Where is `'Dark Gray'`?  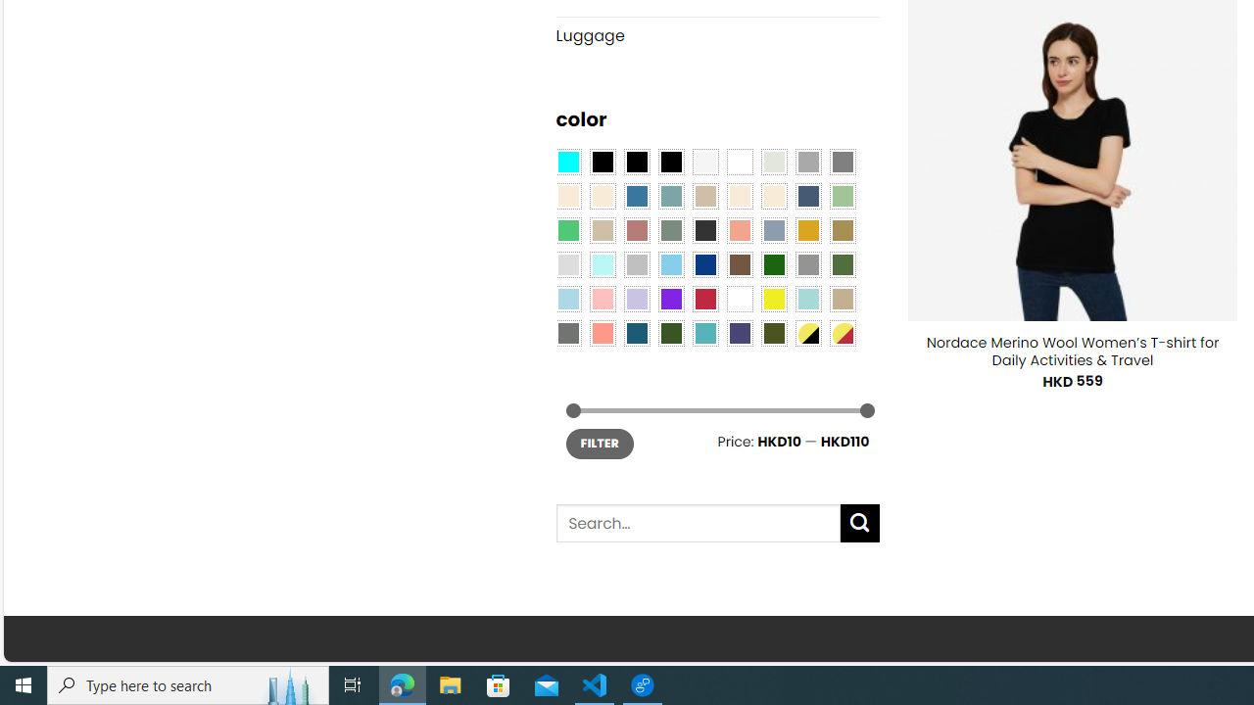
'Dark Gray' is located at coordinates (807, 160).